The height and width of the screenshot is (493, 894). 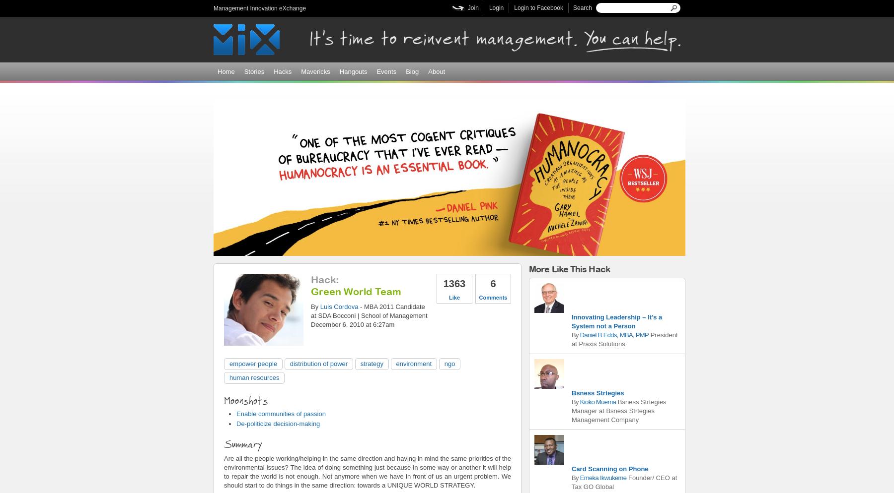 What do you see at coordinates (571, 486) in the screenshot?
I see `'Tax GO Global'` at bounding box center [571, 486].